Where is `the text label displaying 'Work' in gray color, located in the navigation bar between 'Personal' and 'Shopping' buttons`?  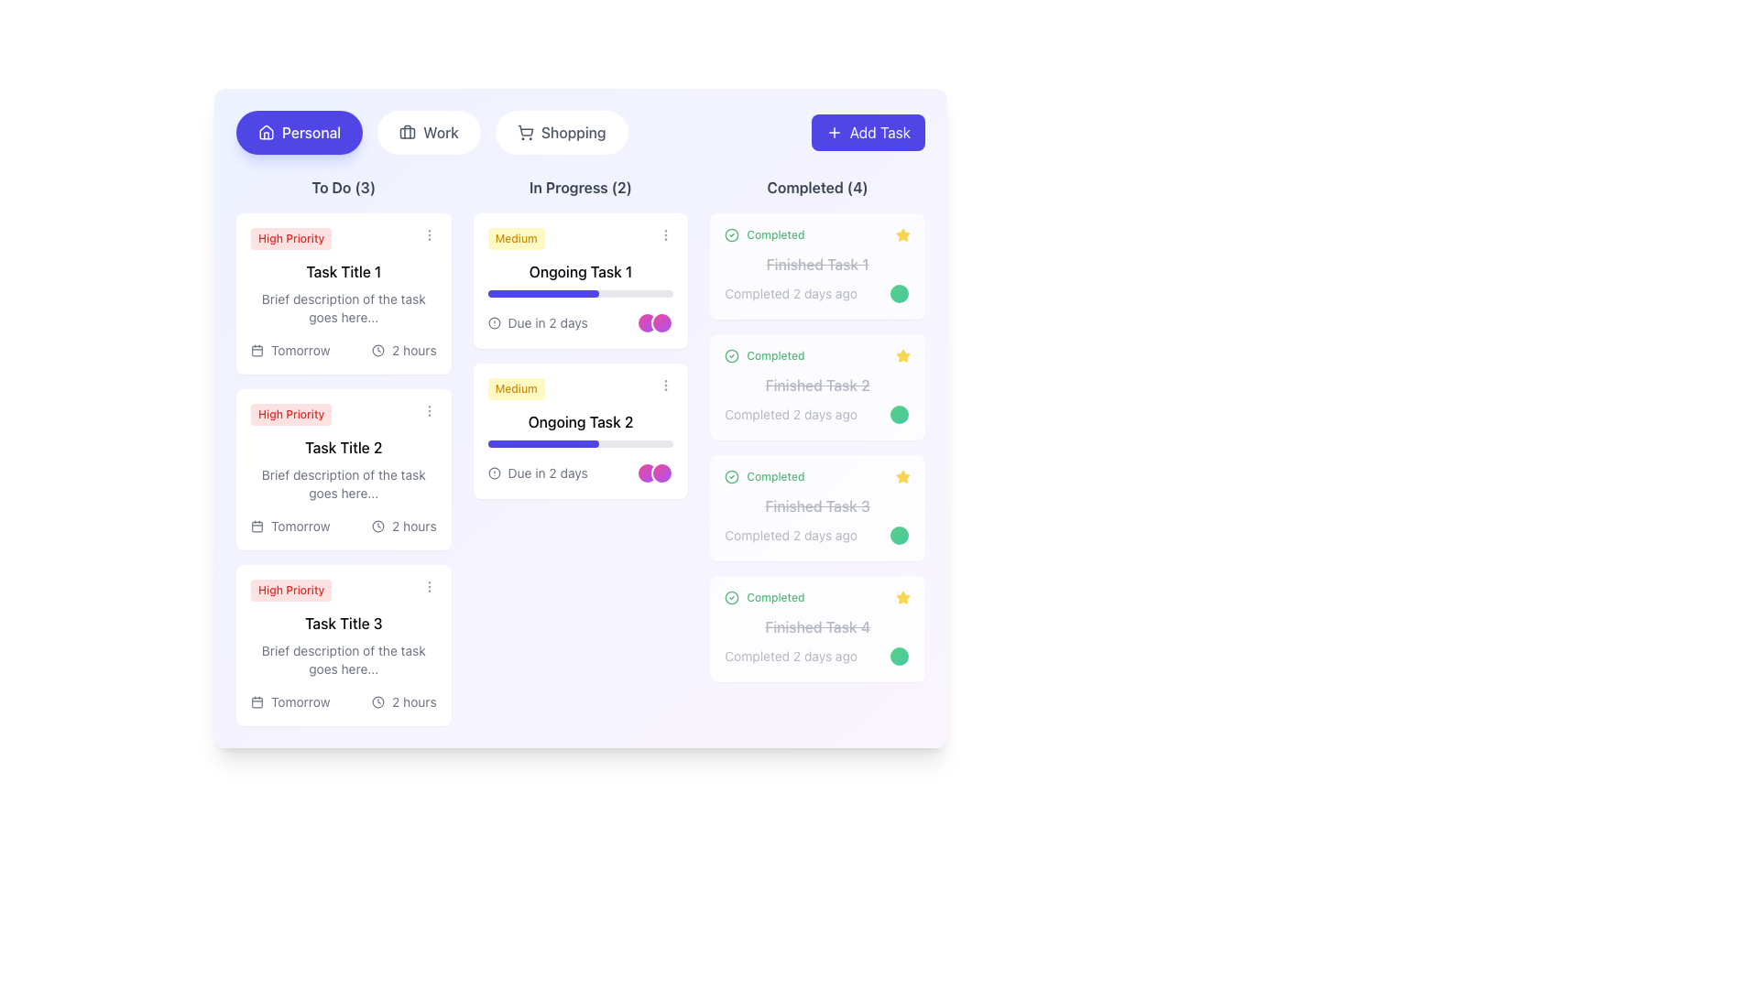
the text label displaying 'Work' in gray color, located in the navigation bar between 'Personal' and 'Shopping' buttons is located at coordinates (441, 132).